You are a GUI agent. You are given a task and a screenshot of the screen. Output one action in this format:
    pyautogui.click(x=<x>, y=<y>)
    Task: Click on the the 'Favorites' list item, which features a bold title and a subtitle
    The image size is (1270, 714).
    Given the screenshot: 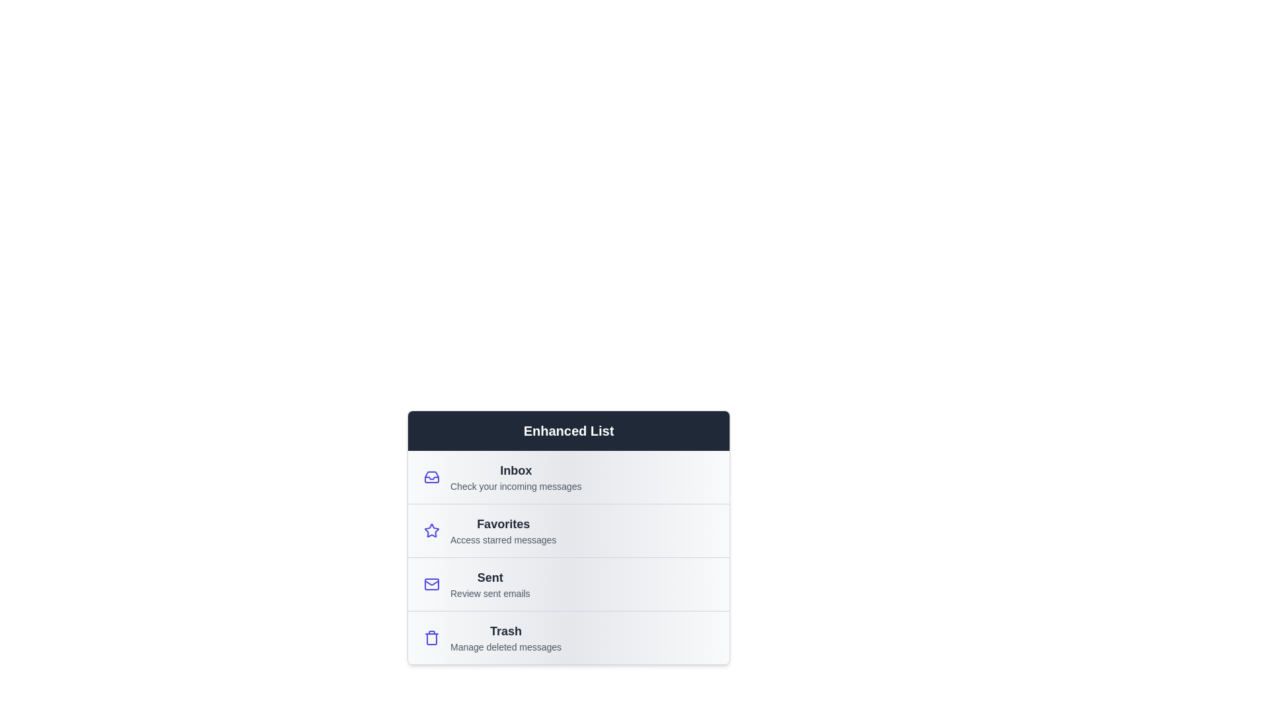 What is the action you would take?
    pyautogui.click(x=503, y=530)
    